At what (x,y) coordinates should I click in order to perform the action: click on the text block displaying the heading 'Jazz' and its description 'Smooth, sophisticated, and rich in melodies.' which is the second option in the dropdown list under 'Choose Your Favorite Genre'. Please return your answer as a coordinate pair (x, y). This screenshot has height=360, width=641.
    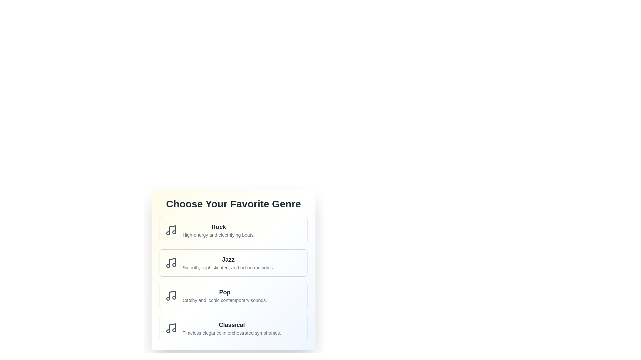
    Looking at the image, I should click on (228, 263).